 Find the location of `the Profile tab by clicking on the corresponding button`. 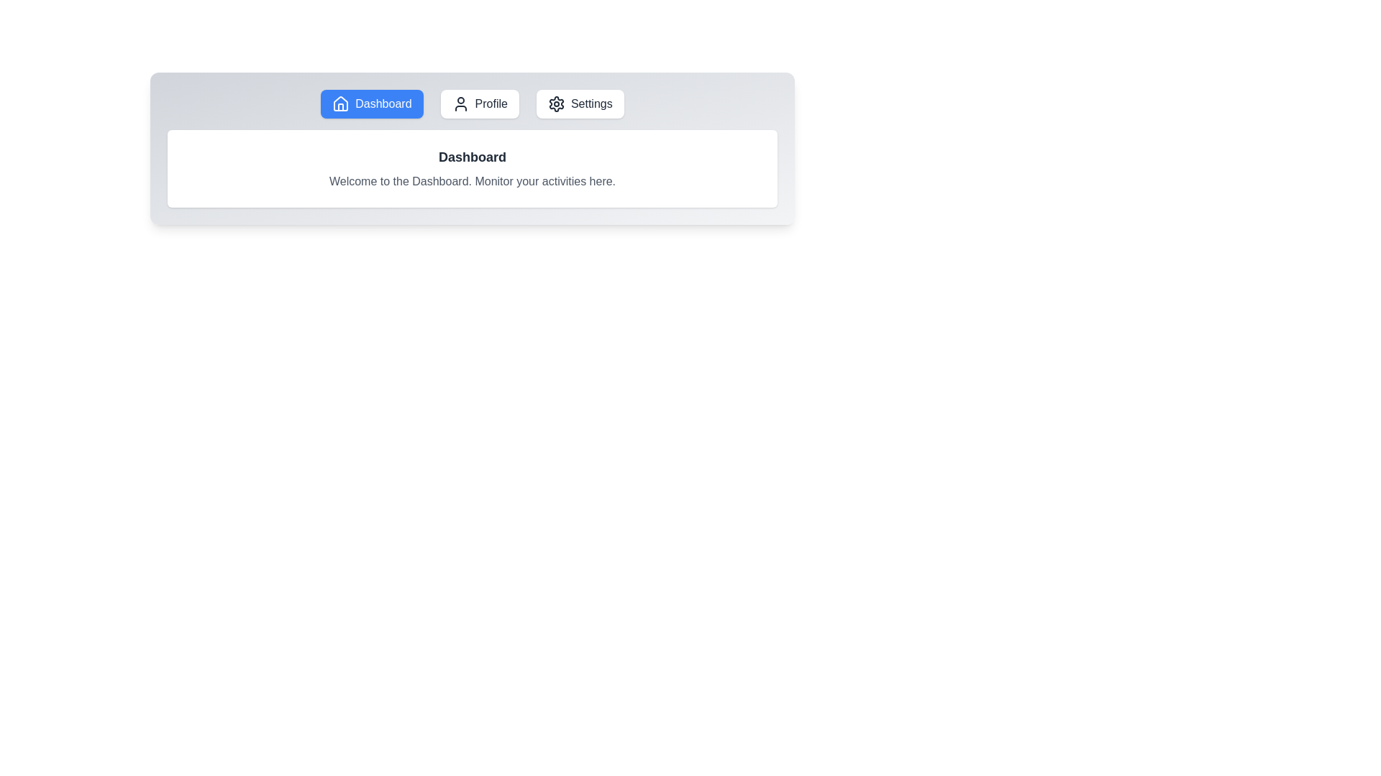

the Profile tab by clicking on the corresponding button is located at coordinates (480, 103).